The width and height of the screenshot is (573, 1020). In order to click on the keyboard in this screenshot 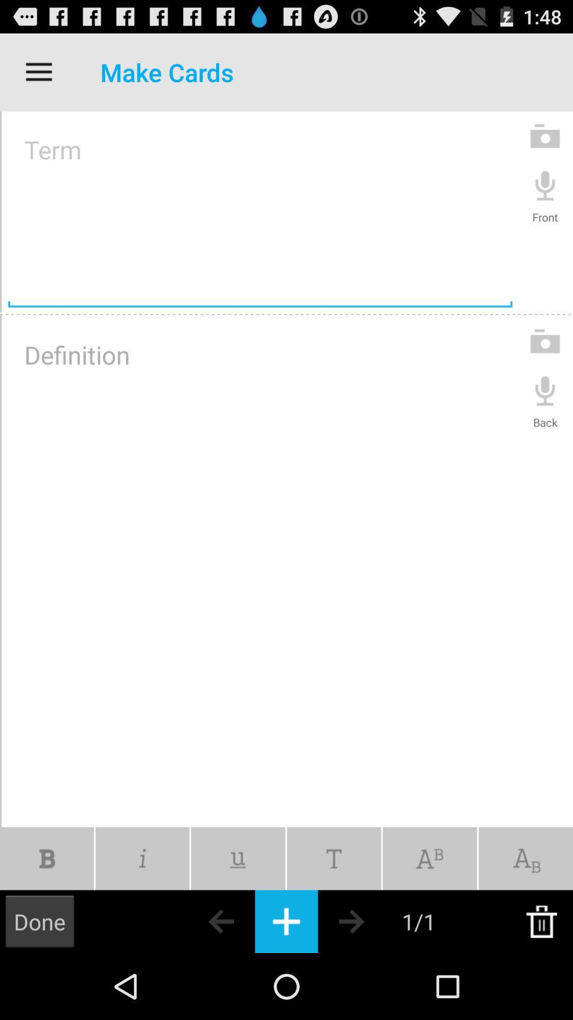, I will do `click(286, 921)`.